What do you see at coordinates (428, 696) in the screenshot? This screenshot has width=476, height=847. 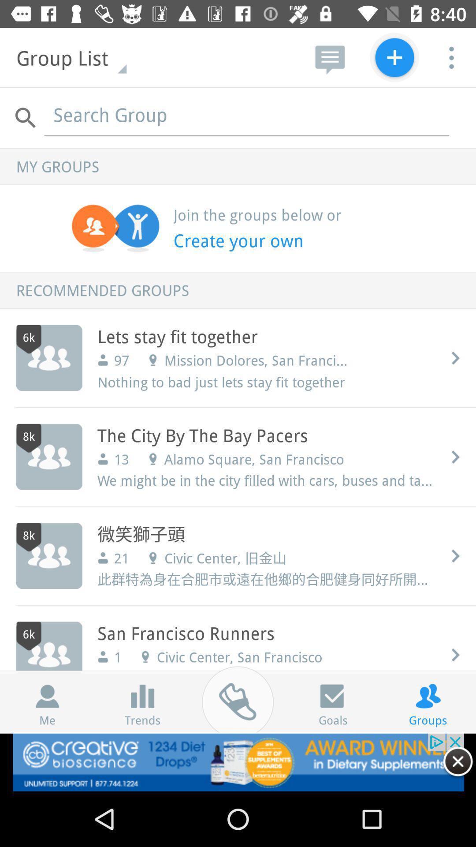 I see `the group icon` at bounding box center [428, 696].